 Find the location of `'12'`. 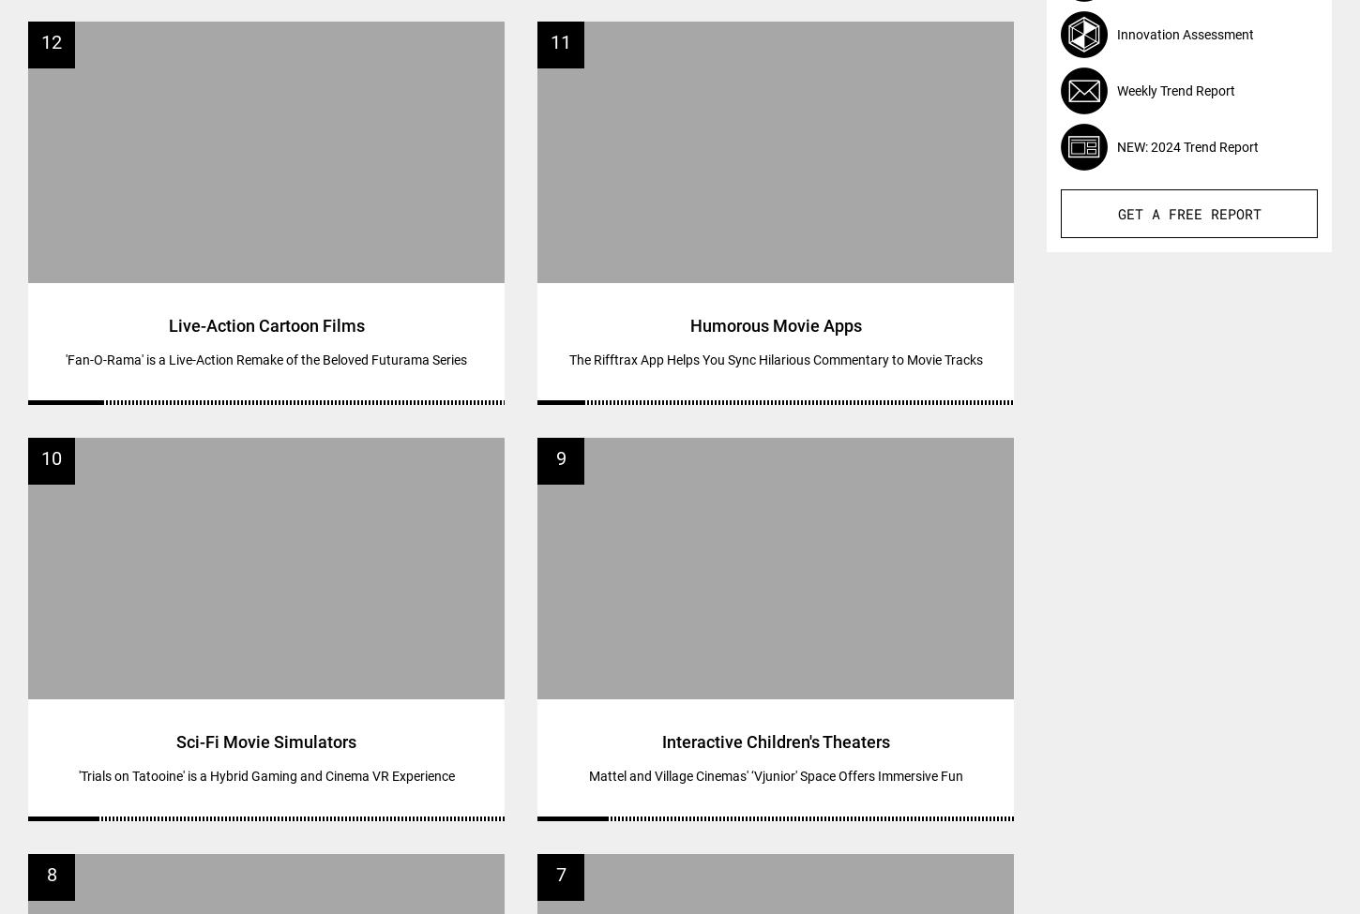

'12' is located at coordinates (51, 40).